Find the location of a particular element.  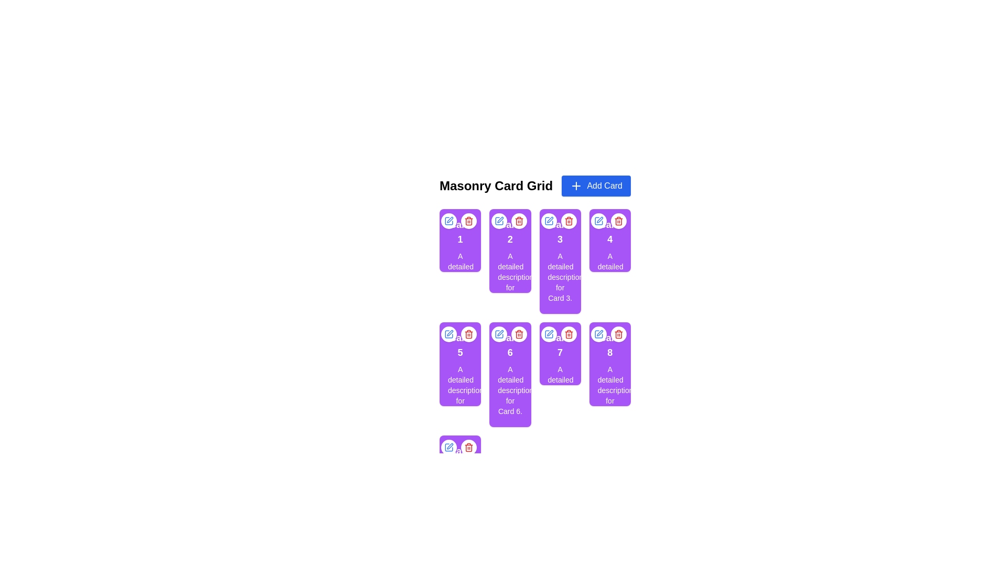

the text label displaying 'A detailed description for Card 5.' within the purple card of 'Card 5' is located at coordinates (460, 390).